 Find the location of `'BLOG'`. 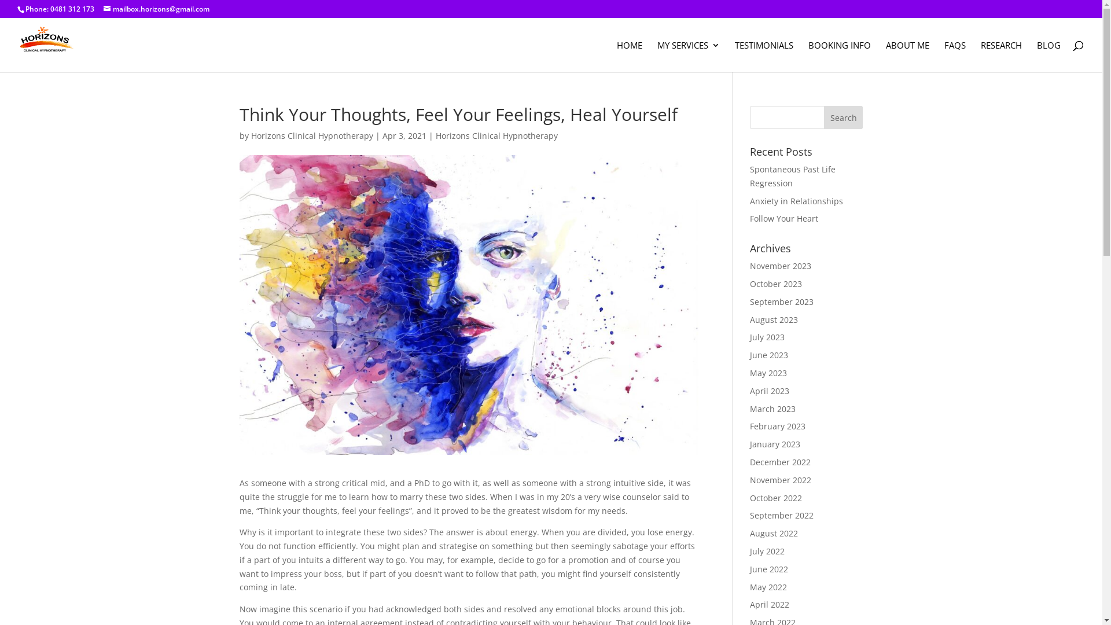

'BLOG' is located at coordinates (1049, 56).